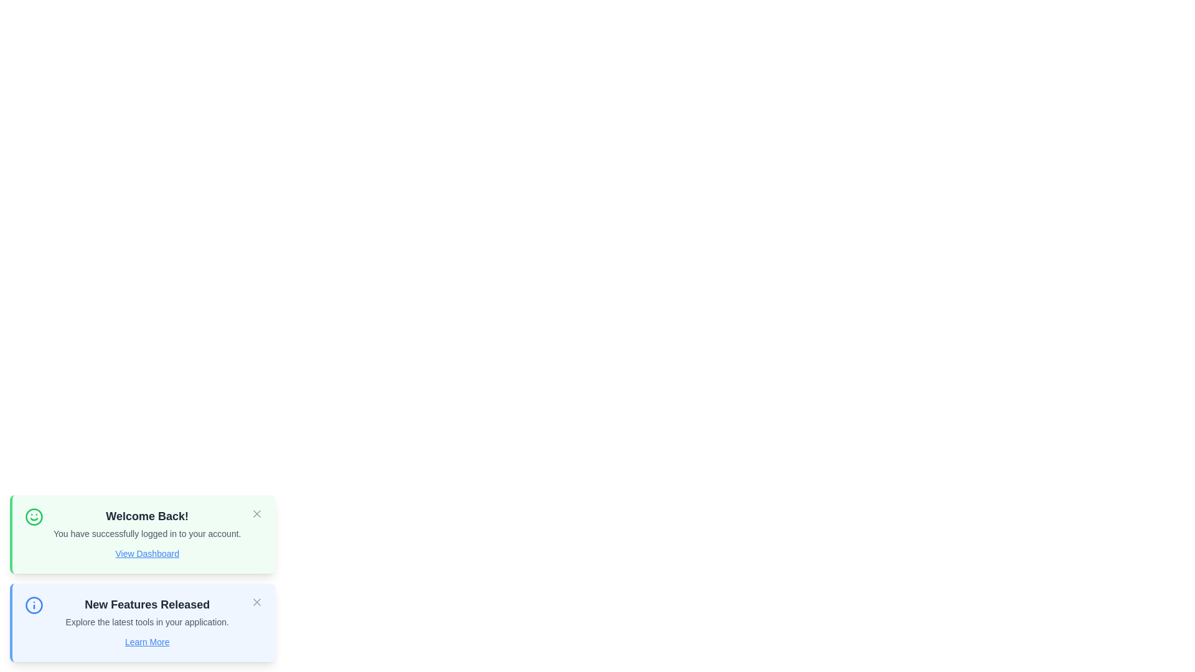 The image size is (1195, 672). What do you see at coordinates (147, 553) in the screenshot?
I see `the action link View Dashboard` at bounding box center [147, 553].